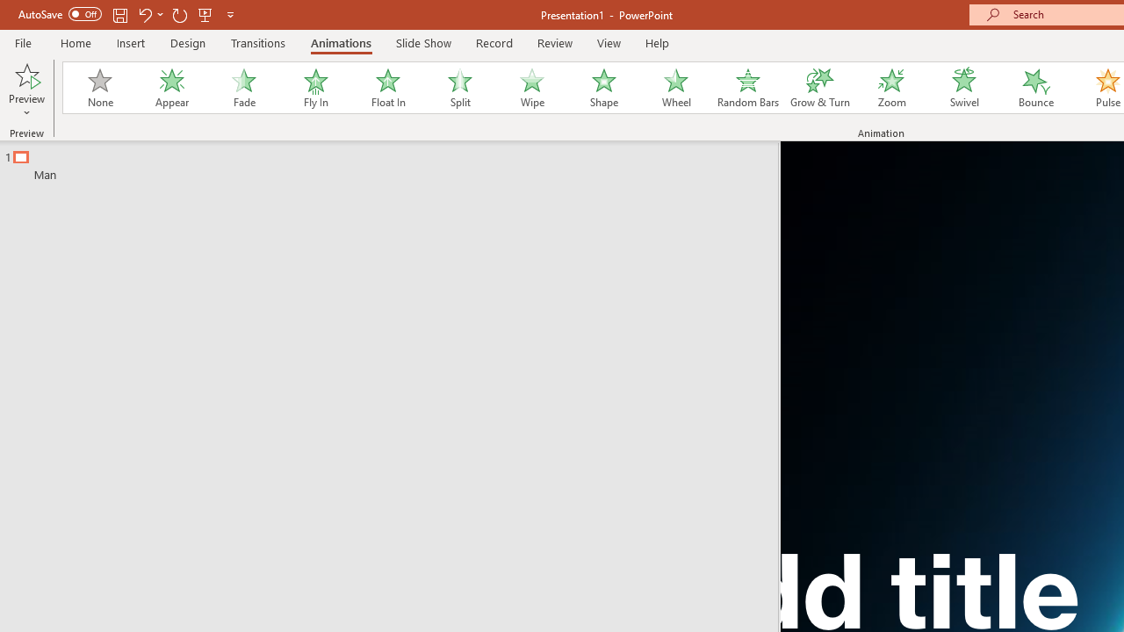 This screenshot has width=1124, height=632. What do you see at coordinates (748, 88) in the screenshot?
I see `'Random Bars'` at bounding box center [748, 88].